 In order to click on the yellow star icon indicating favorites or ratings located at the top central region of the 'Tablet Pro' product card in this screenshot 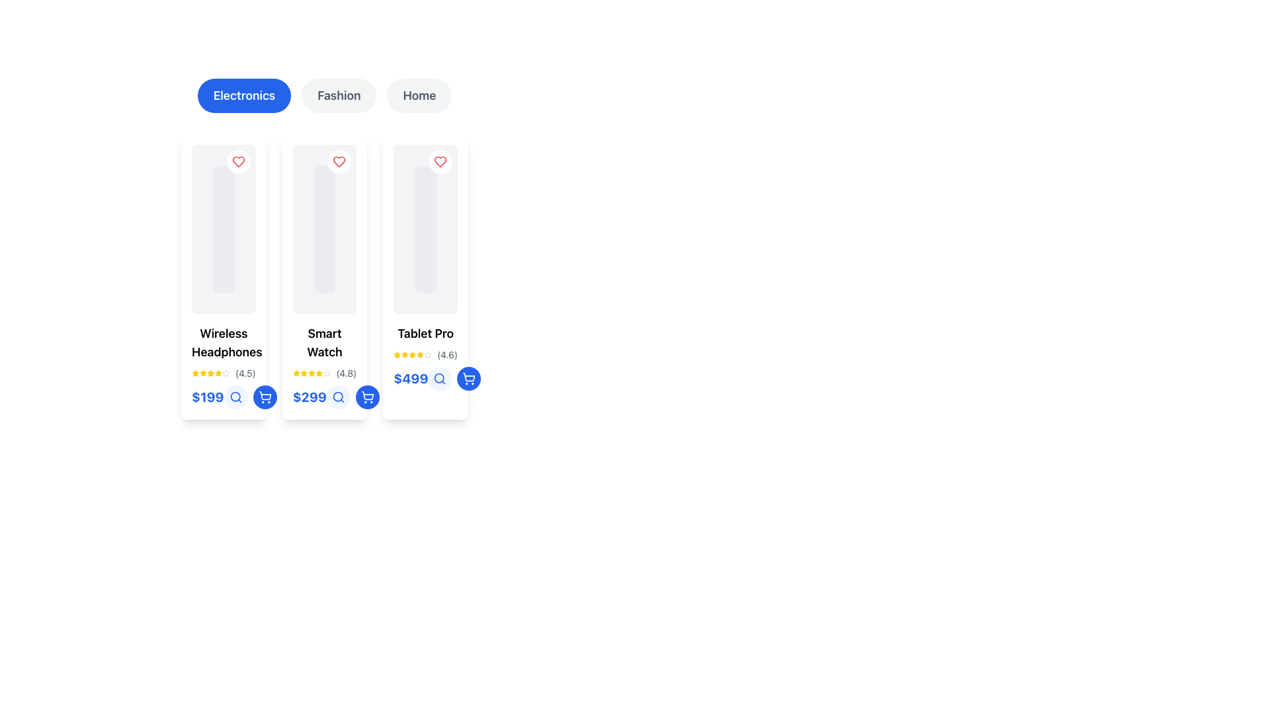, I will do `click(404, 354)`.